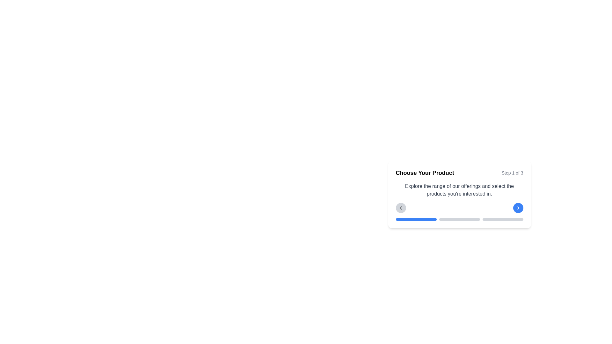  What do you see at coordinates (459, 194) in the screenshot?
I see `the informational text block titled 'Choose Your Product' that displays guidance for product selection` at bounding box center [459, 194].